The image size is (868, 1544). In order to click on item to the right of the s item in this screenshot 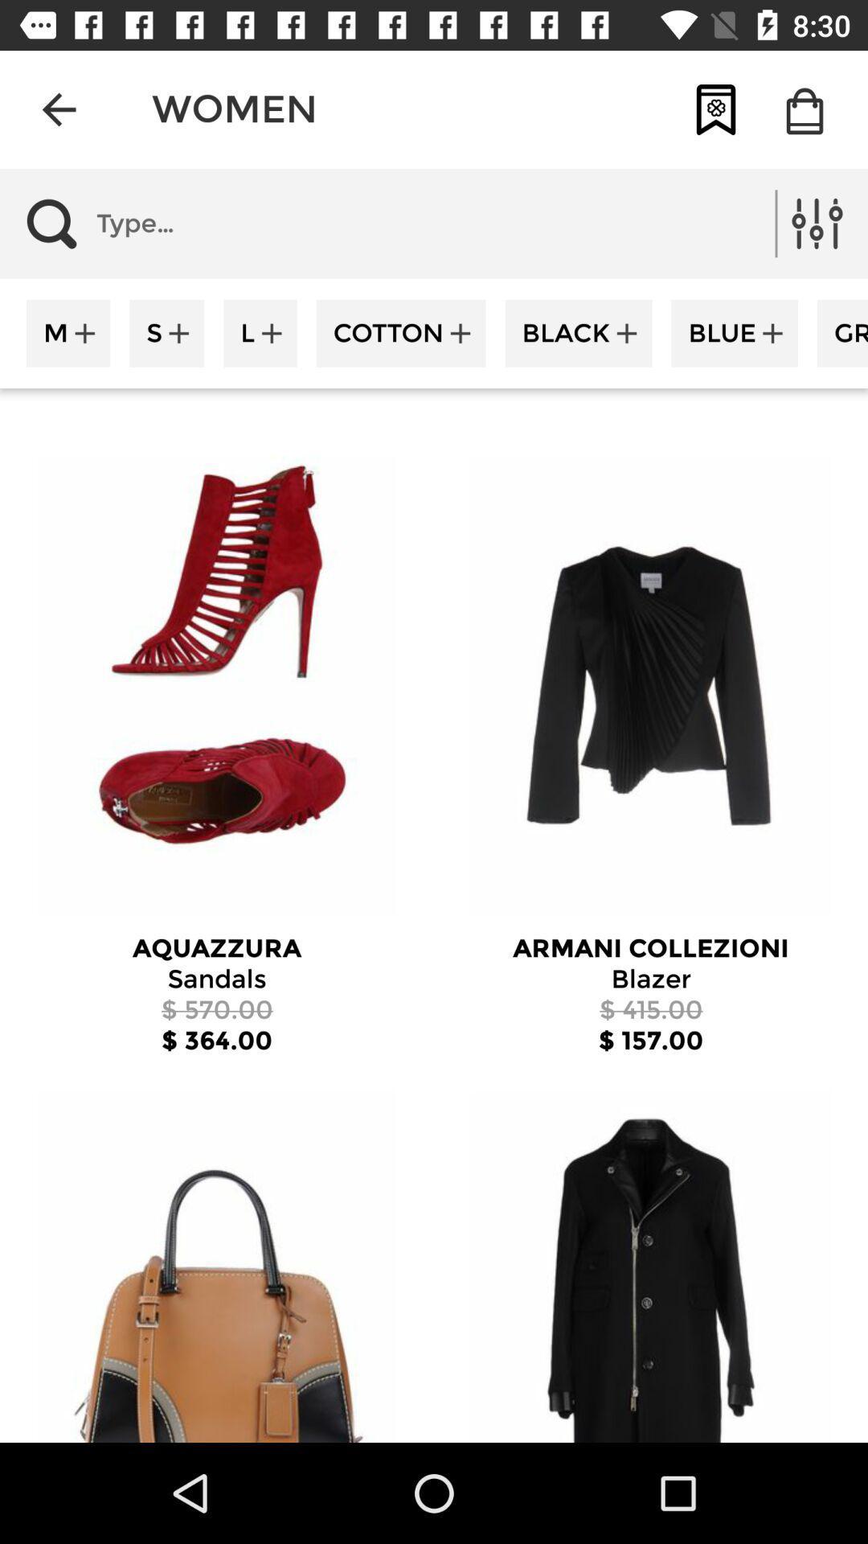, I will do `click(260, 332)`.